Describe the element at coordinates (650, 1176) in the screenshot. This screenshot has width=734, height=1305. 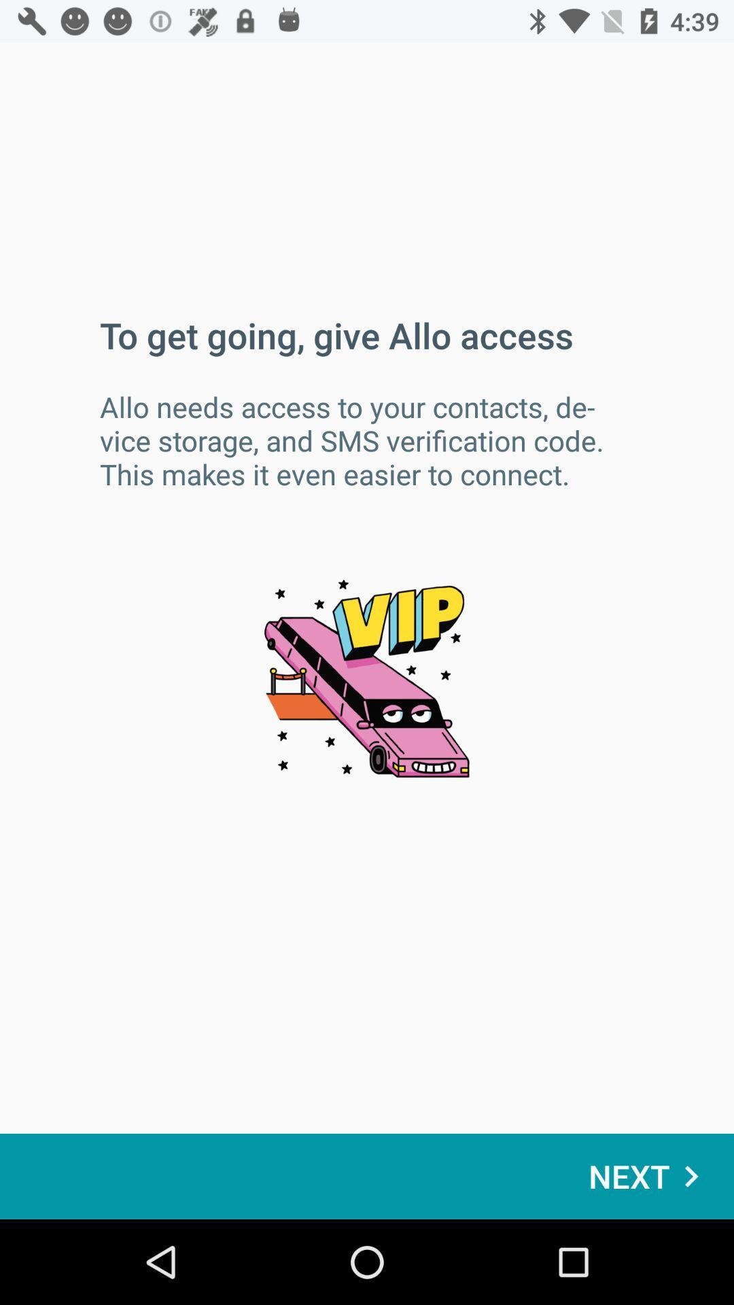
I see `the icon at the bottom right corner` at that location.